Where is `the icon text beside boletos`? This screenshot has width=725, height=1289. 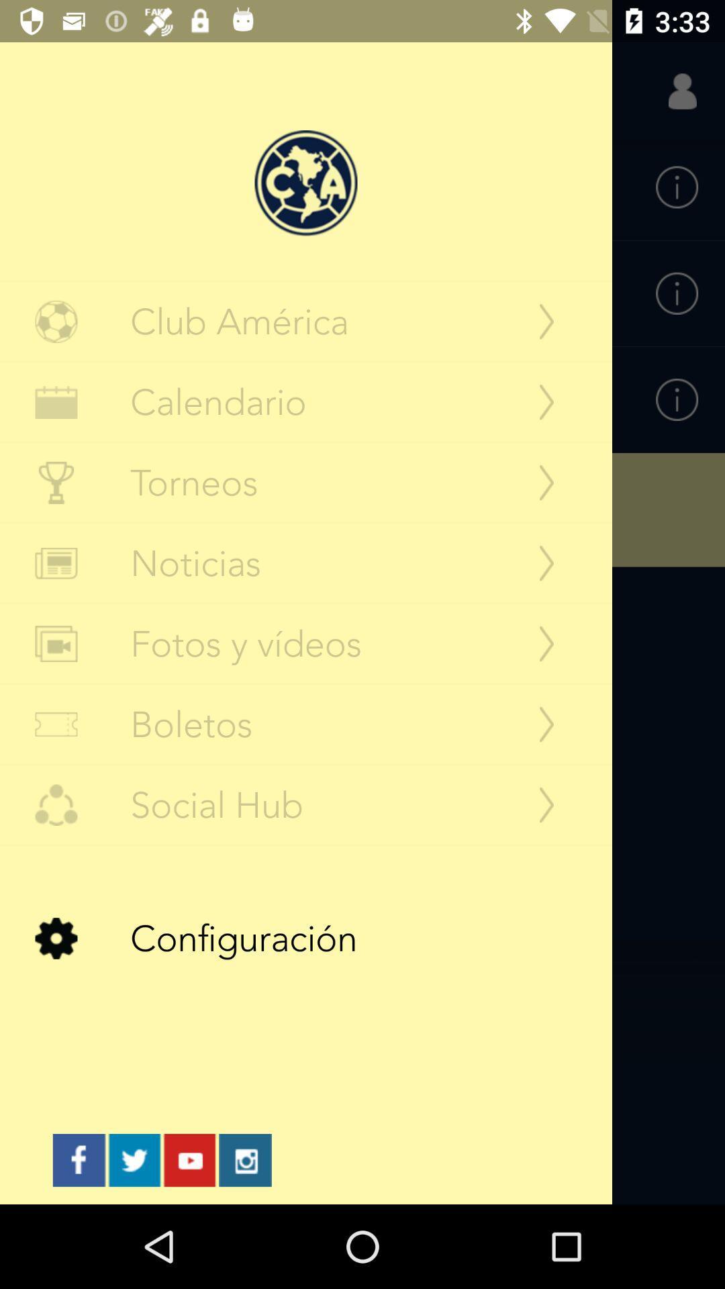
the icon text beside boletos is located at coordinates (56, 724).